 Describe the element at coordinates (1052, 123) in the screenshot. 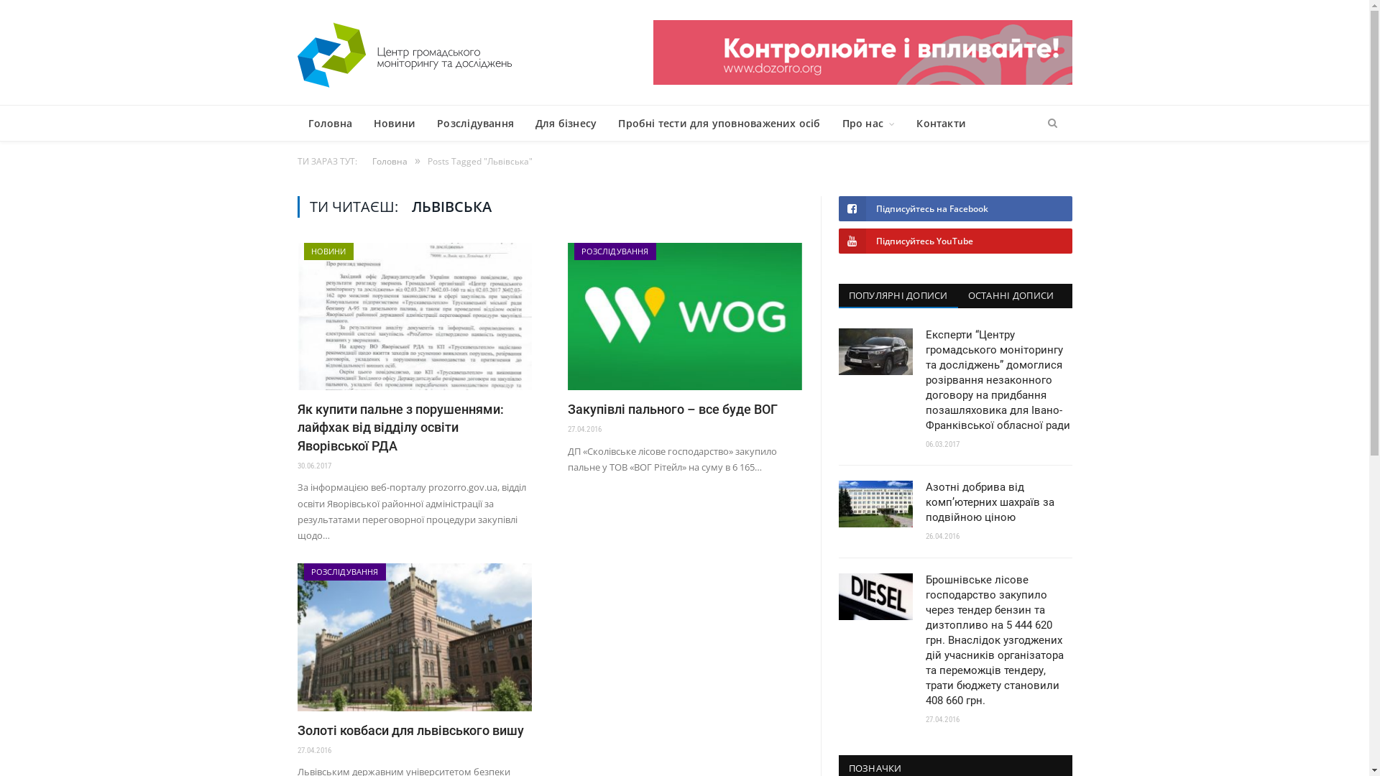

I see `'Search'` at that location.